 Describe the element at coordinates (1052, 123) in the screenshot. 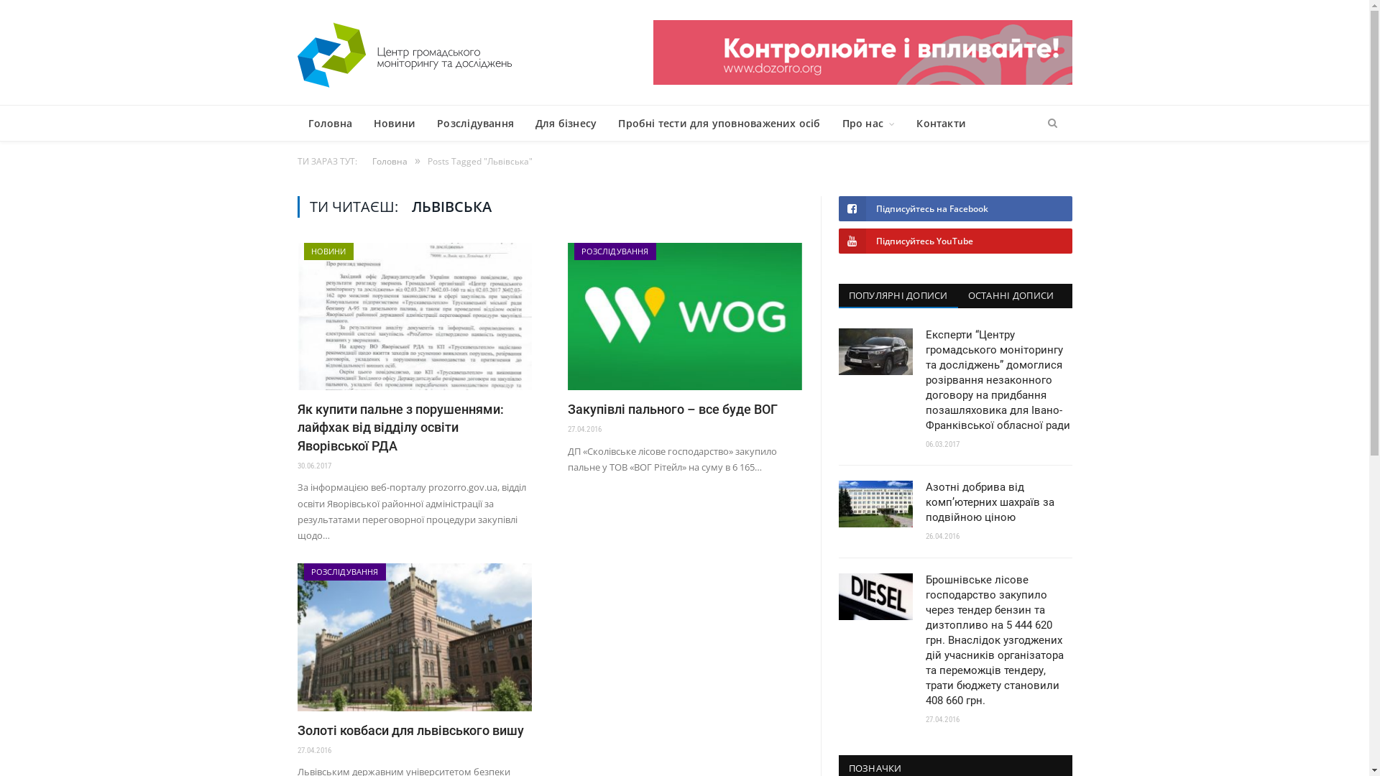

I see `'Search'` at that location.